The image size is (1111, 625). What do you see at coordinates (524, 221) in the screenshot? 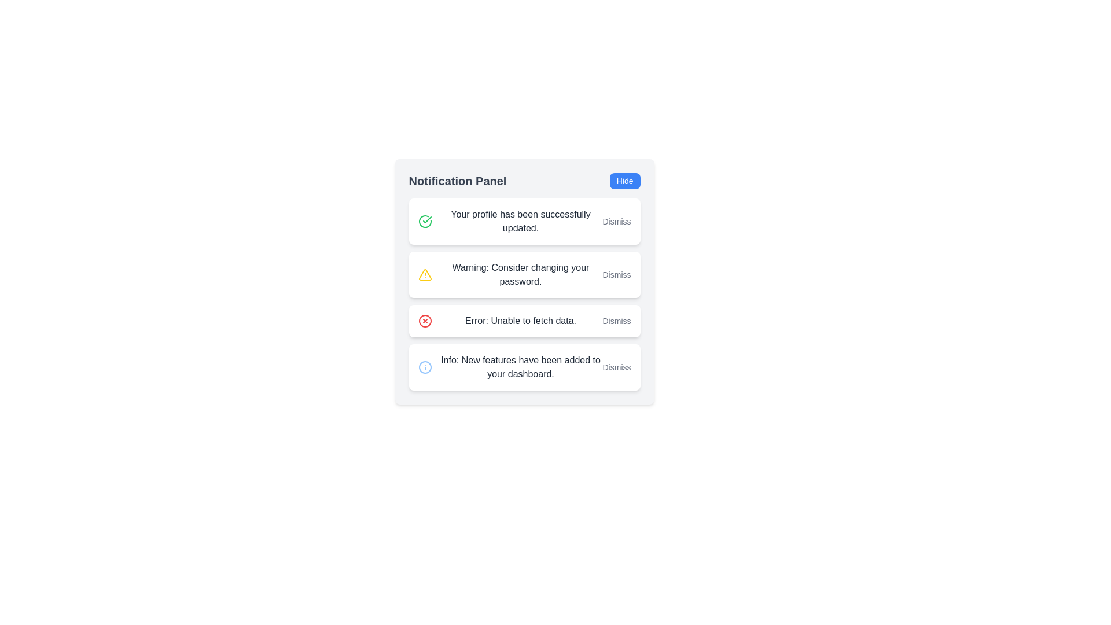
I see `notification message displaying 'Your profile has been successfully updated.' with a dismiss link on the right` at bounding box center [524, 221].